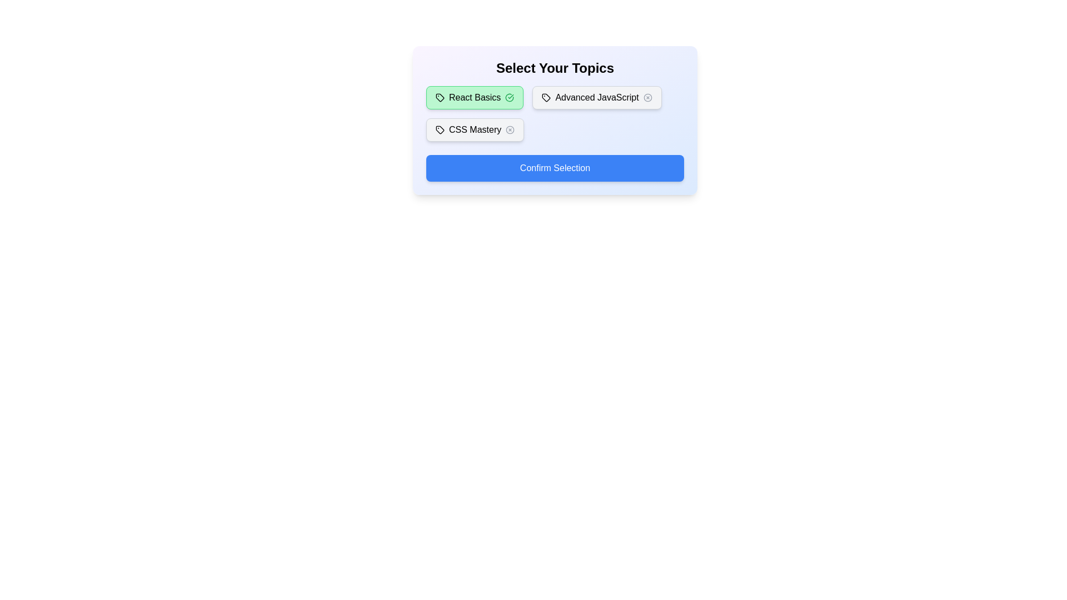  I want to click on the tag labeled React Basics to toggle its active state, so click(475, 97).